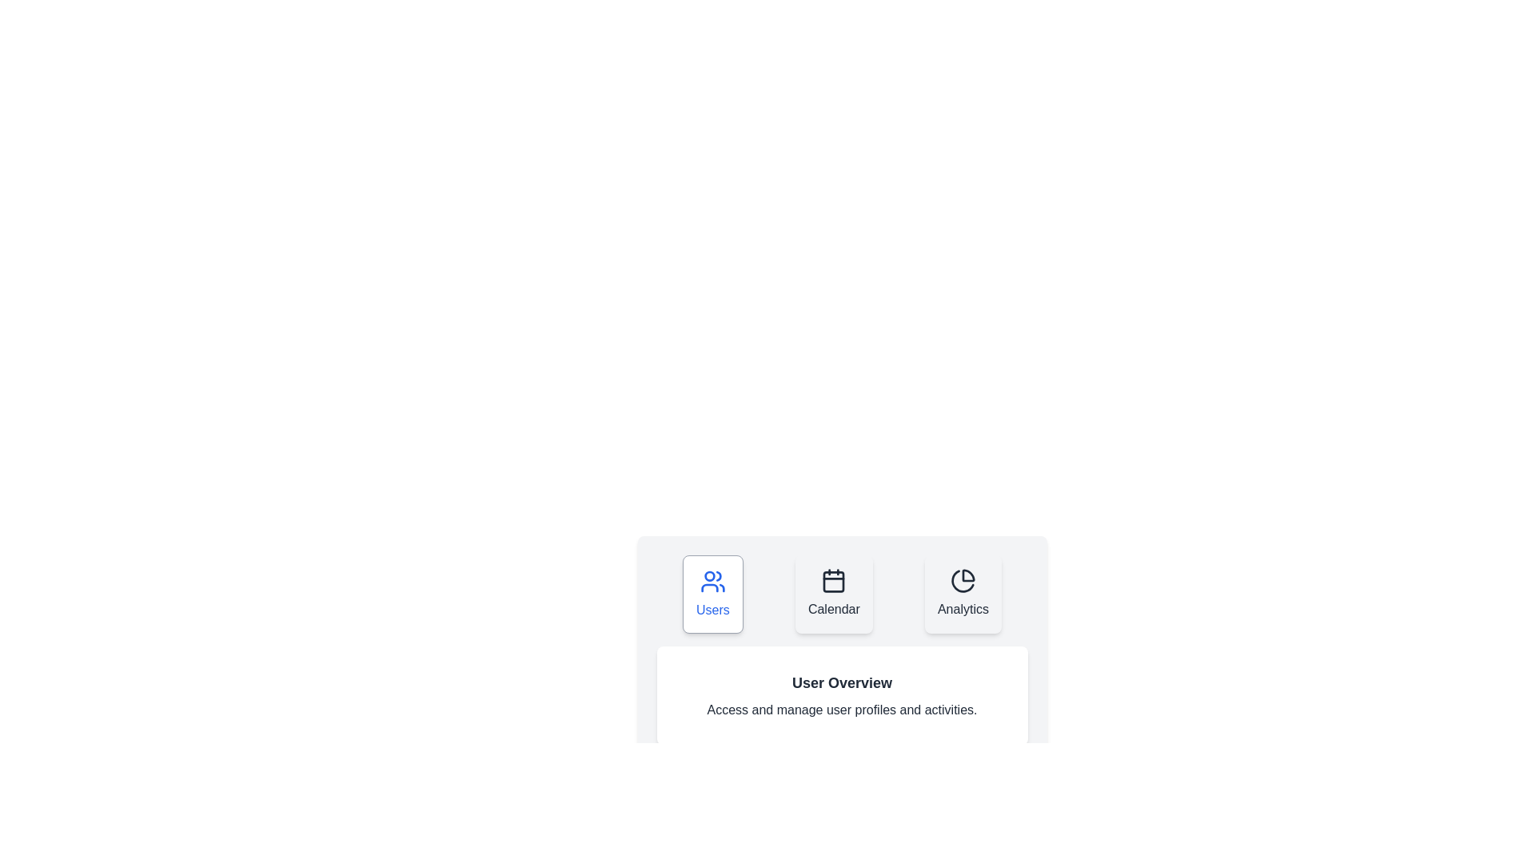  What do you see at coordinates (841, 683) in the screenshot?
I see `the text label 'User Overview' which is a bold, large font heading centrally positioned above a smaller descriptive text` at bounding box center [841, 683].